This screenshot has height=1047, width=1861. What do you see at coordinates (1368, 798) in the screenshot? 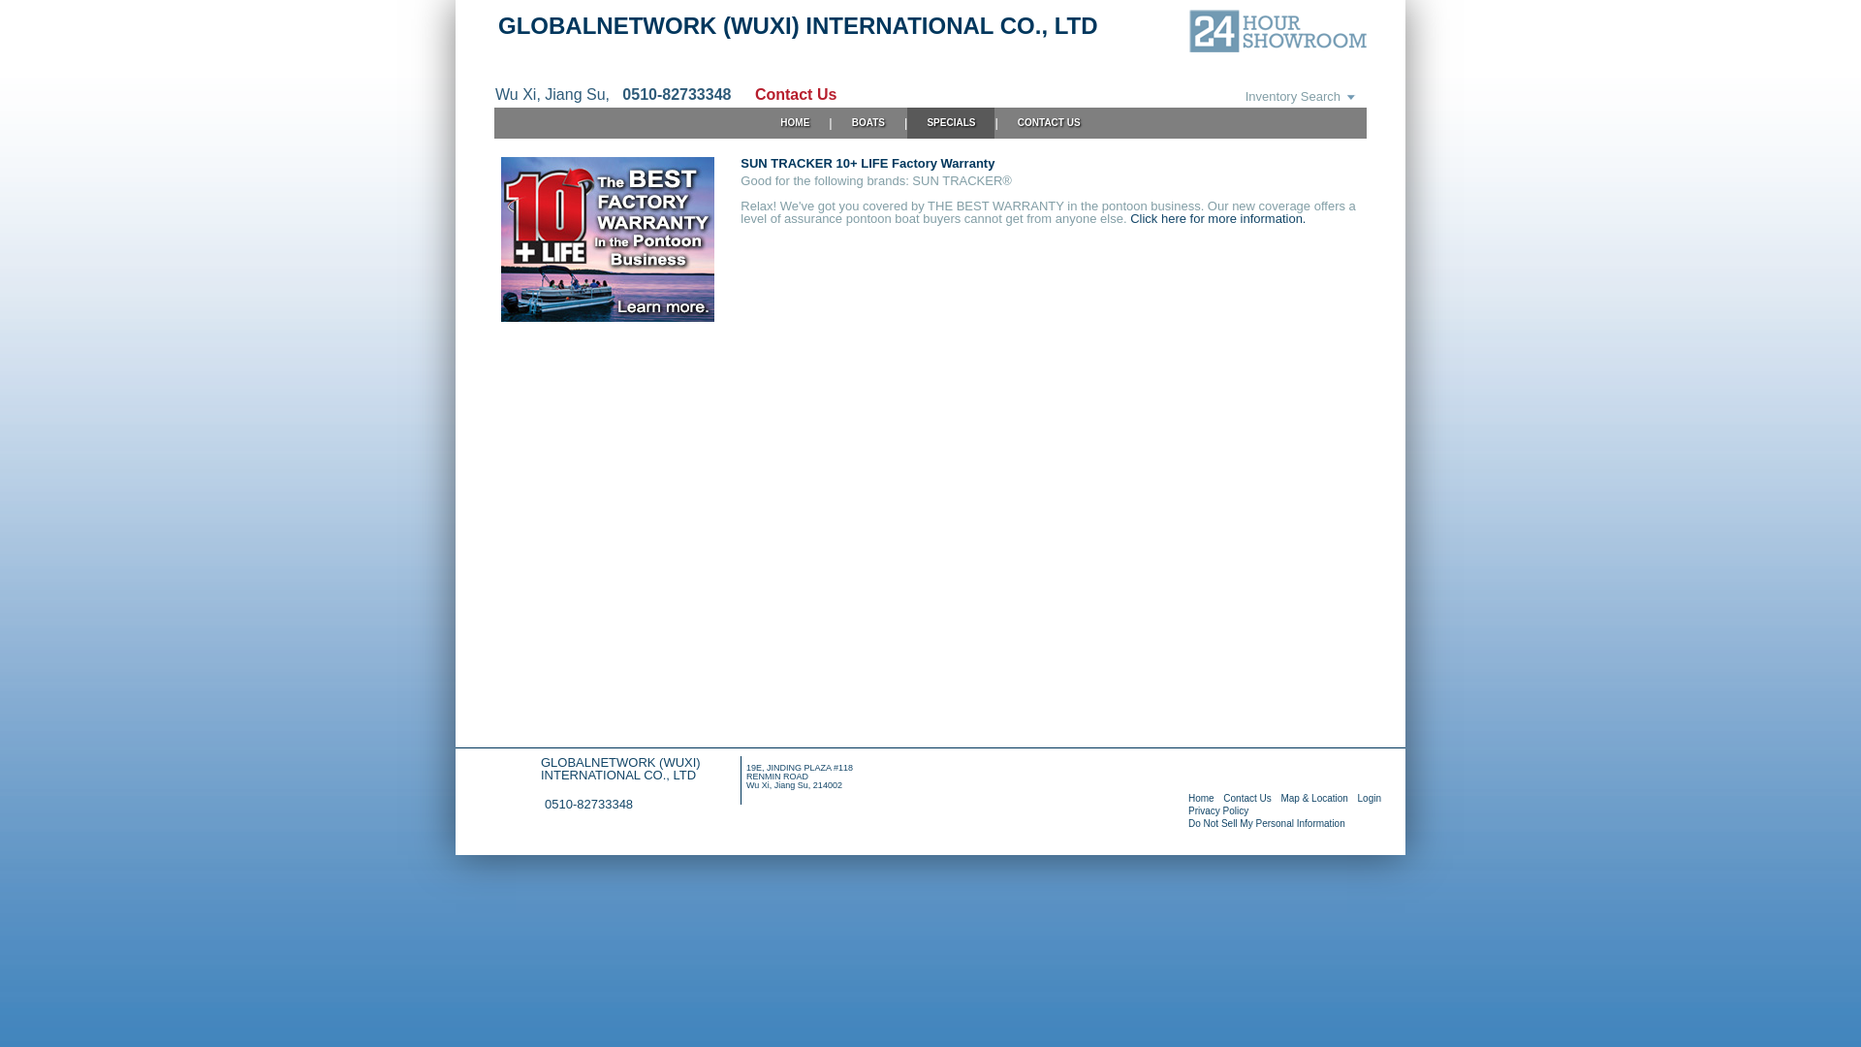
I see `'Login'` at bounding box center [1368, 798].